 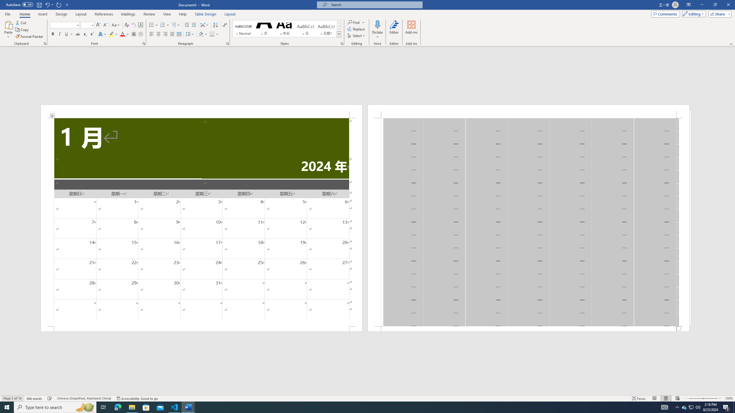 What do you see at coordinates (201, 34) in the screenshot?
I see `'Shading RGB(0, 0, 0)'` at bounding box center [201, 34].